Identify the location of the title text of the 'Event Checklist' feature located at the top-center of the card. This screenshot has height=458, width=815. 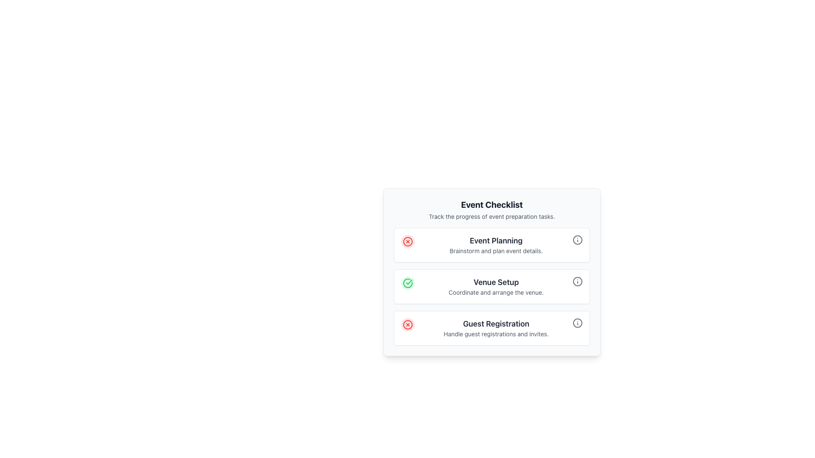
(492, 204).